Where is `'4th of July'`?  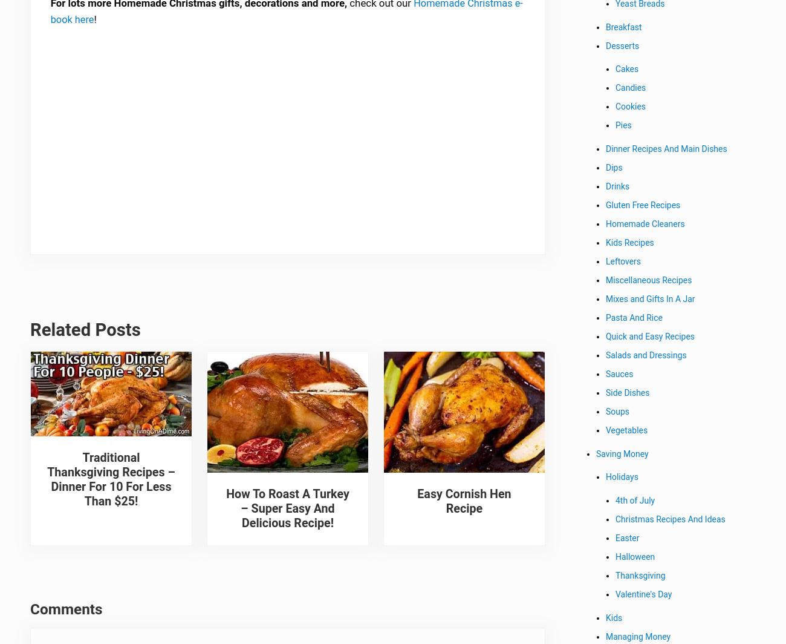 '4th of July' is located at coordinates (635, 502).